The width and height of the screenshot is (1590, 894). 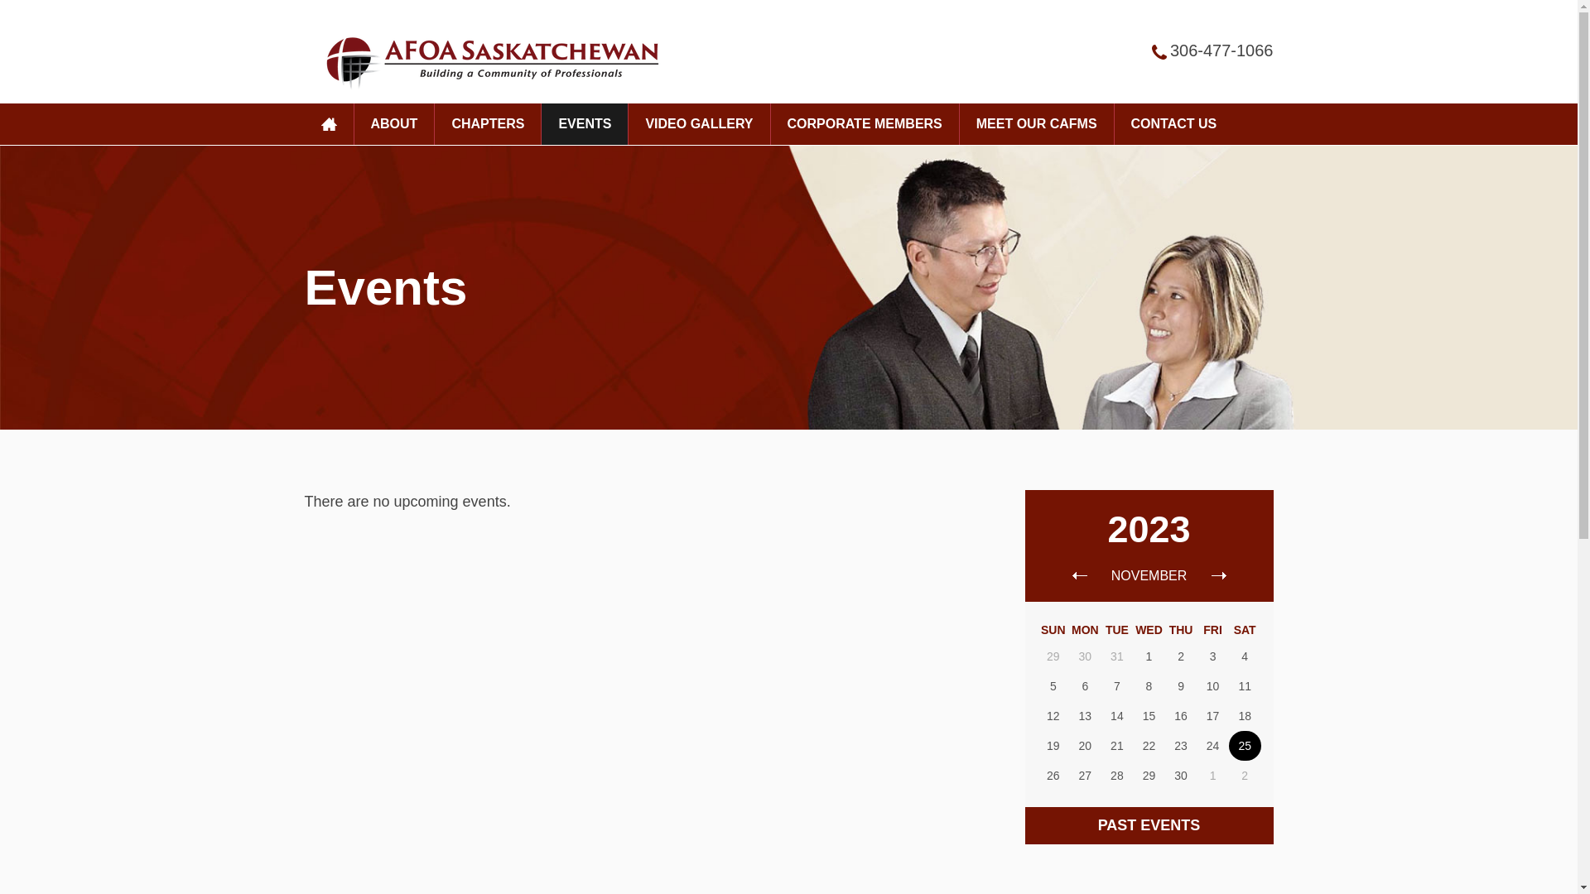 What do you see at coordinates (1148, 825) in the screenshot?
I see `'PAST EVENTS'` at bounding box center [1148, 825].